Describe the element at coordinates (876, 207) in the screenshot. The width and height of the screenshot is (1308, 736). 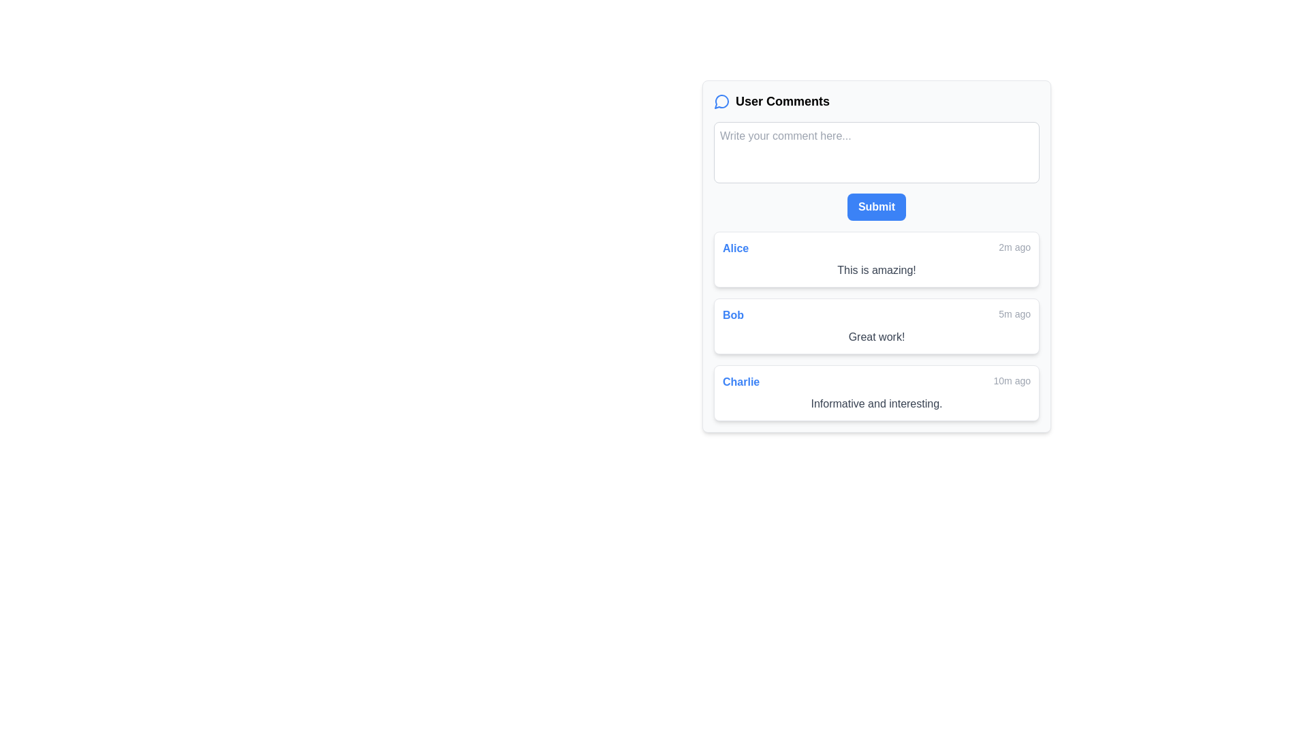
I see `the submission button located below the text input field with the placeholder 'Write your comment here...'` at that location.